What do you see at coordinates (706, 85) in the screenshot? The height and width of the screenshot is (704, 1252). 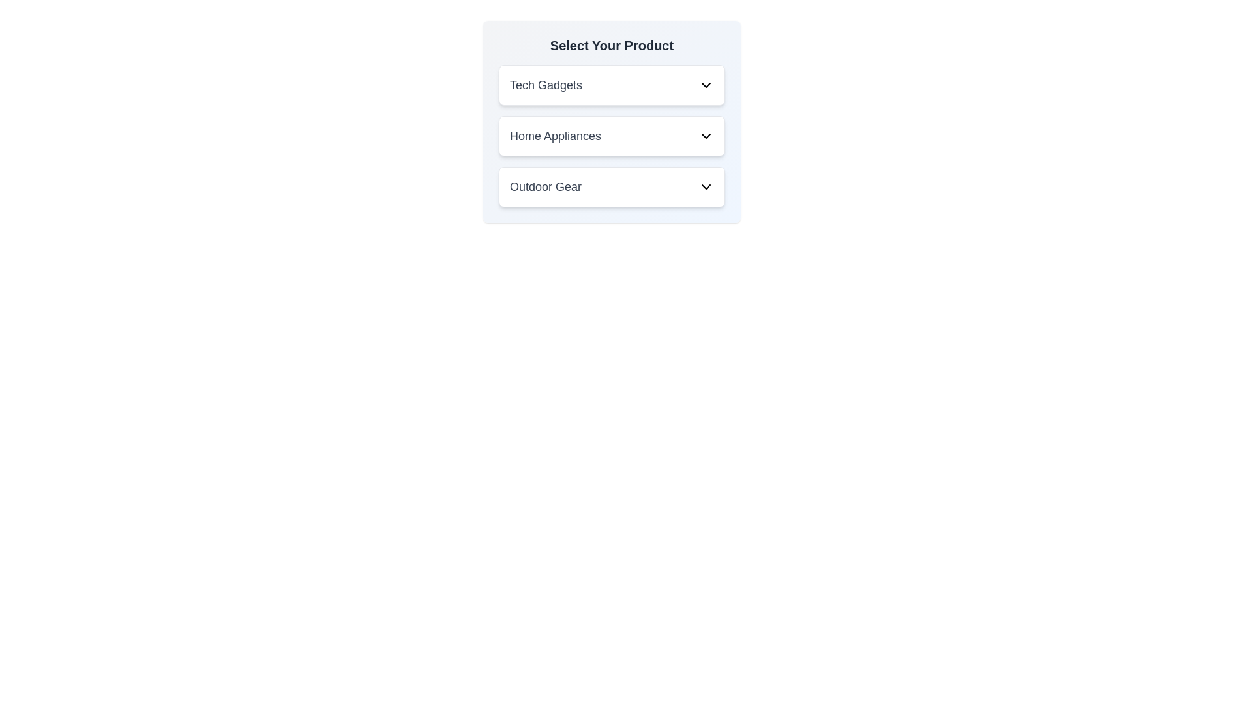 I see `the chevron icon button located on the far right side of the 'Tech Gadgets' button` at bounding box center [706, 85].